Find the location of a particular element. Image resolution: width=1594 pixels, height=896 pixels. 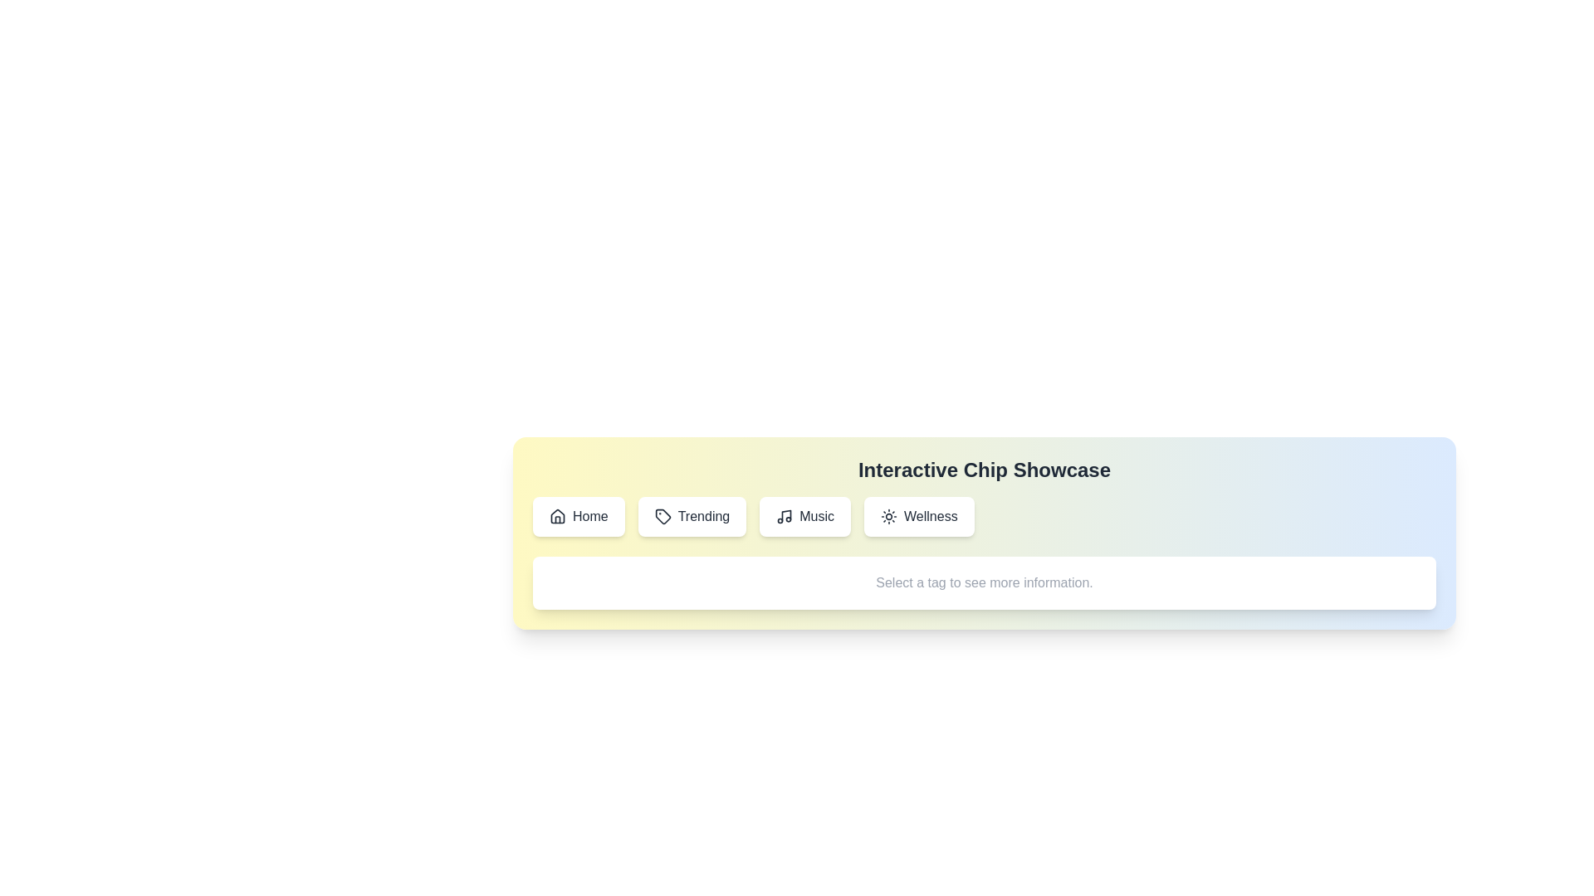

the chip labeled Home to observe its hover effect is located at coordinates (579, 516).